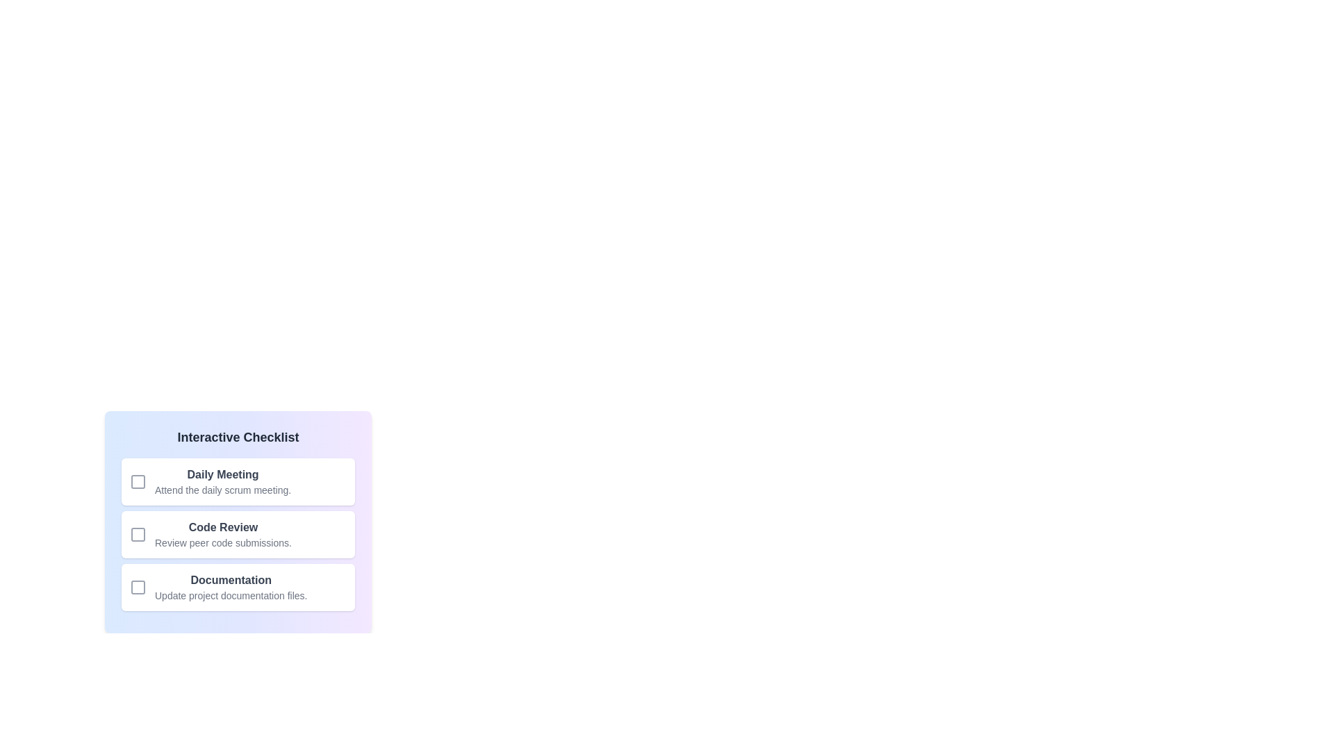 This screenshot has height=750, width=1334. What do you see at coordinates (223, 481) in the screenshot?
I see `details of the task 'Daily Meeting' presented in the text block of the first card in the 'Interactive Checklist'` at bounding box center [223, 481].